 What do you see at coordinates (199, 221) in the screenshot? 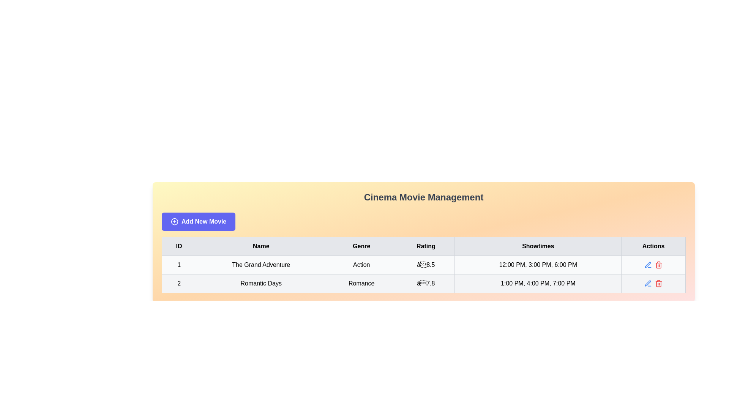
I see `the button labeled for adding a new movie entry located in the upper left section of the 'Cinema Movie Management' block, positioned below the title text` at bounding box center [199, 221].